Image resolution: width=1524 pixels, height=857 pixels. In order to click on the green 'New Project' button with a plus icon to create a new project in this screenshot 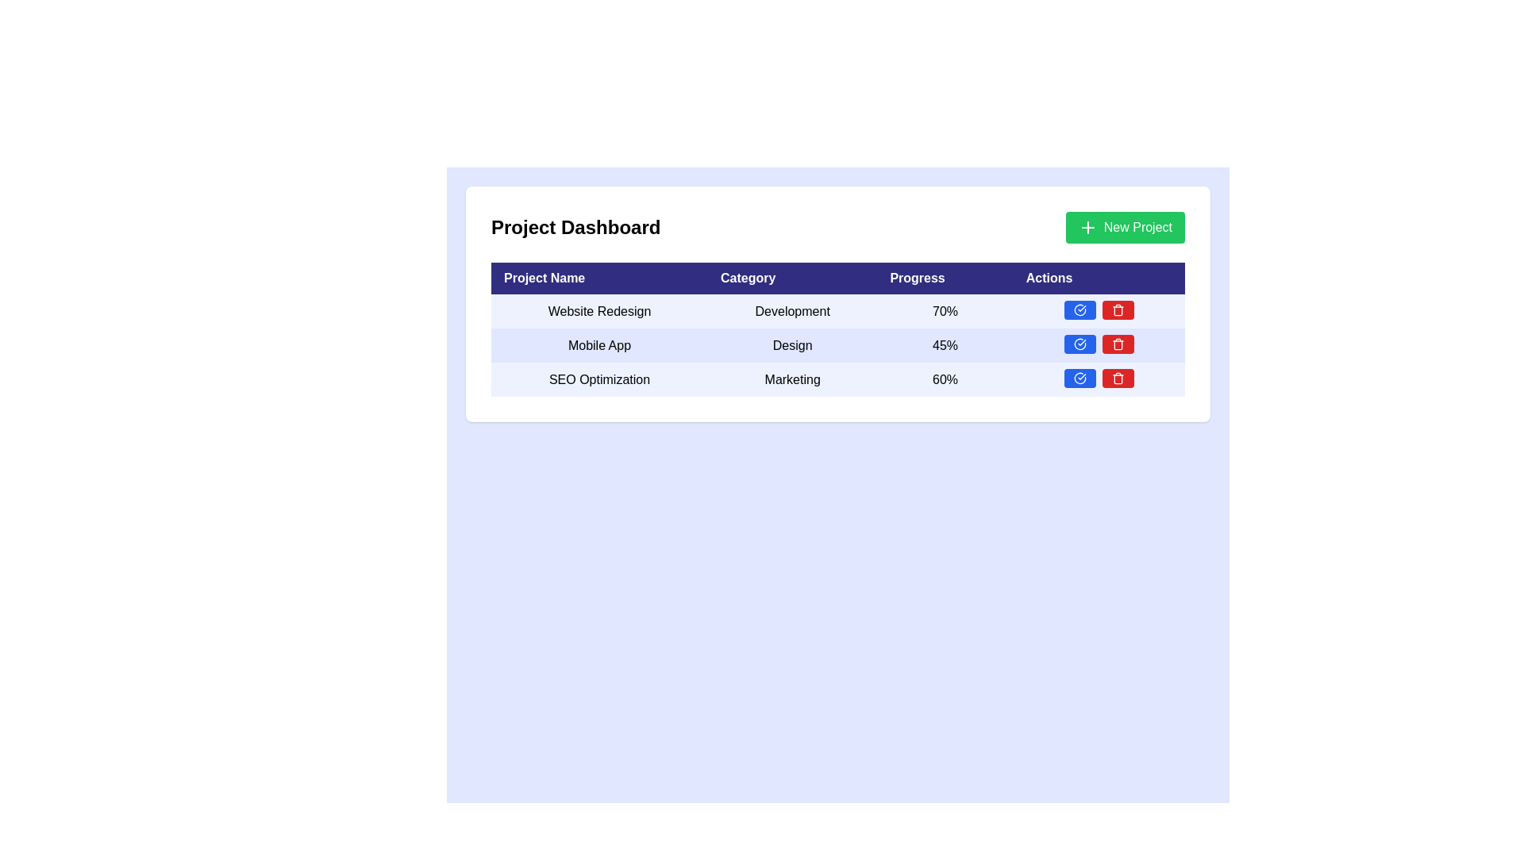, I will do `click(1124, 227)`.